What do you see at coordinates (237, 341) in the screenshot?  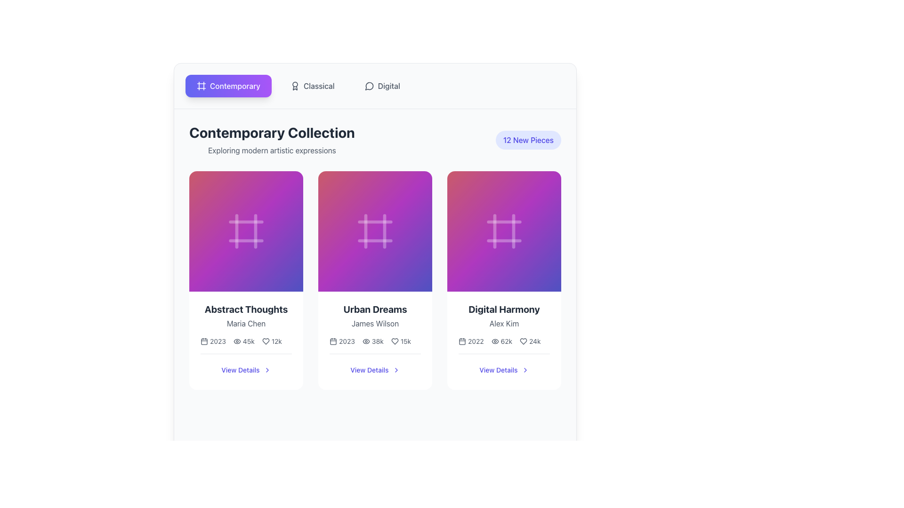 I see `the eye icon located in the middle of the horizontal group beneath the 'Abstract Thoughts' card header` at bounding box center [237, 341].